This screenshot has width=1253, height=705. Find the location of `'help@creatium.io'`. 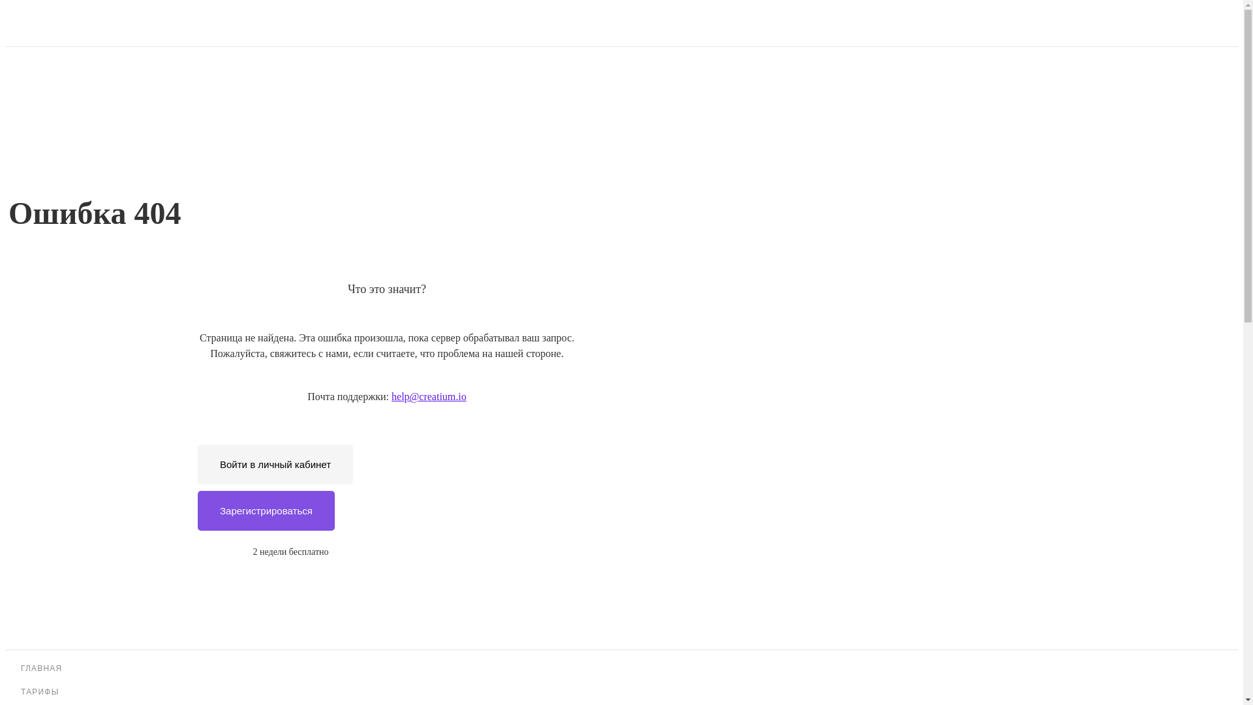

'help@creatium.io' is located at coordinates (429, 396).